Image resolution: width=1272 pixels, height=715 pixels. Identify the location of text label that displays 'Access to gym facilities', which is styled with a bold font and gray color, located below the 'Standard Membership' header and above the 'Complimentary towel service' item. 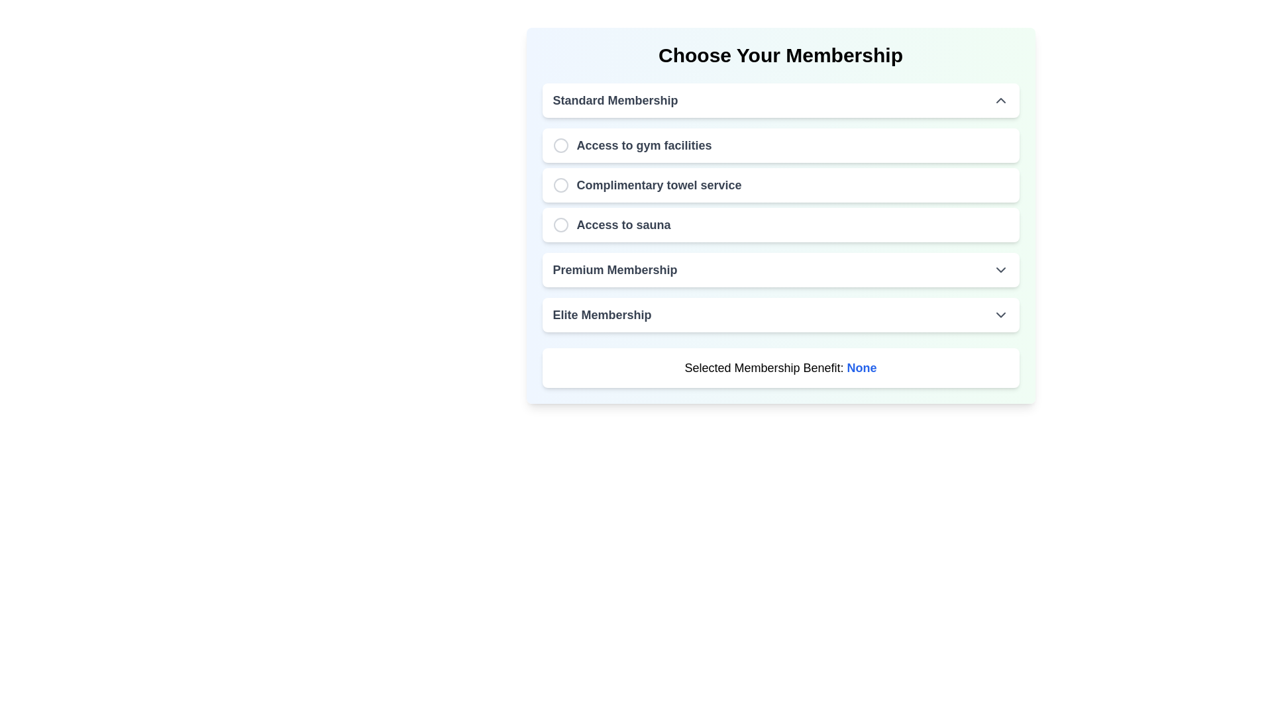
(644, 145).